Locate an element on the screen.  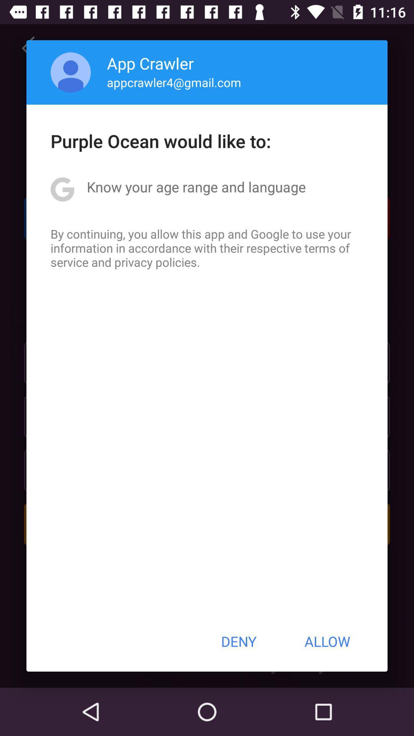
the item above purple ocean would icon is located at coordinates (174, 82).